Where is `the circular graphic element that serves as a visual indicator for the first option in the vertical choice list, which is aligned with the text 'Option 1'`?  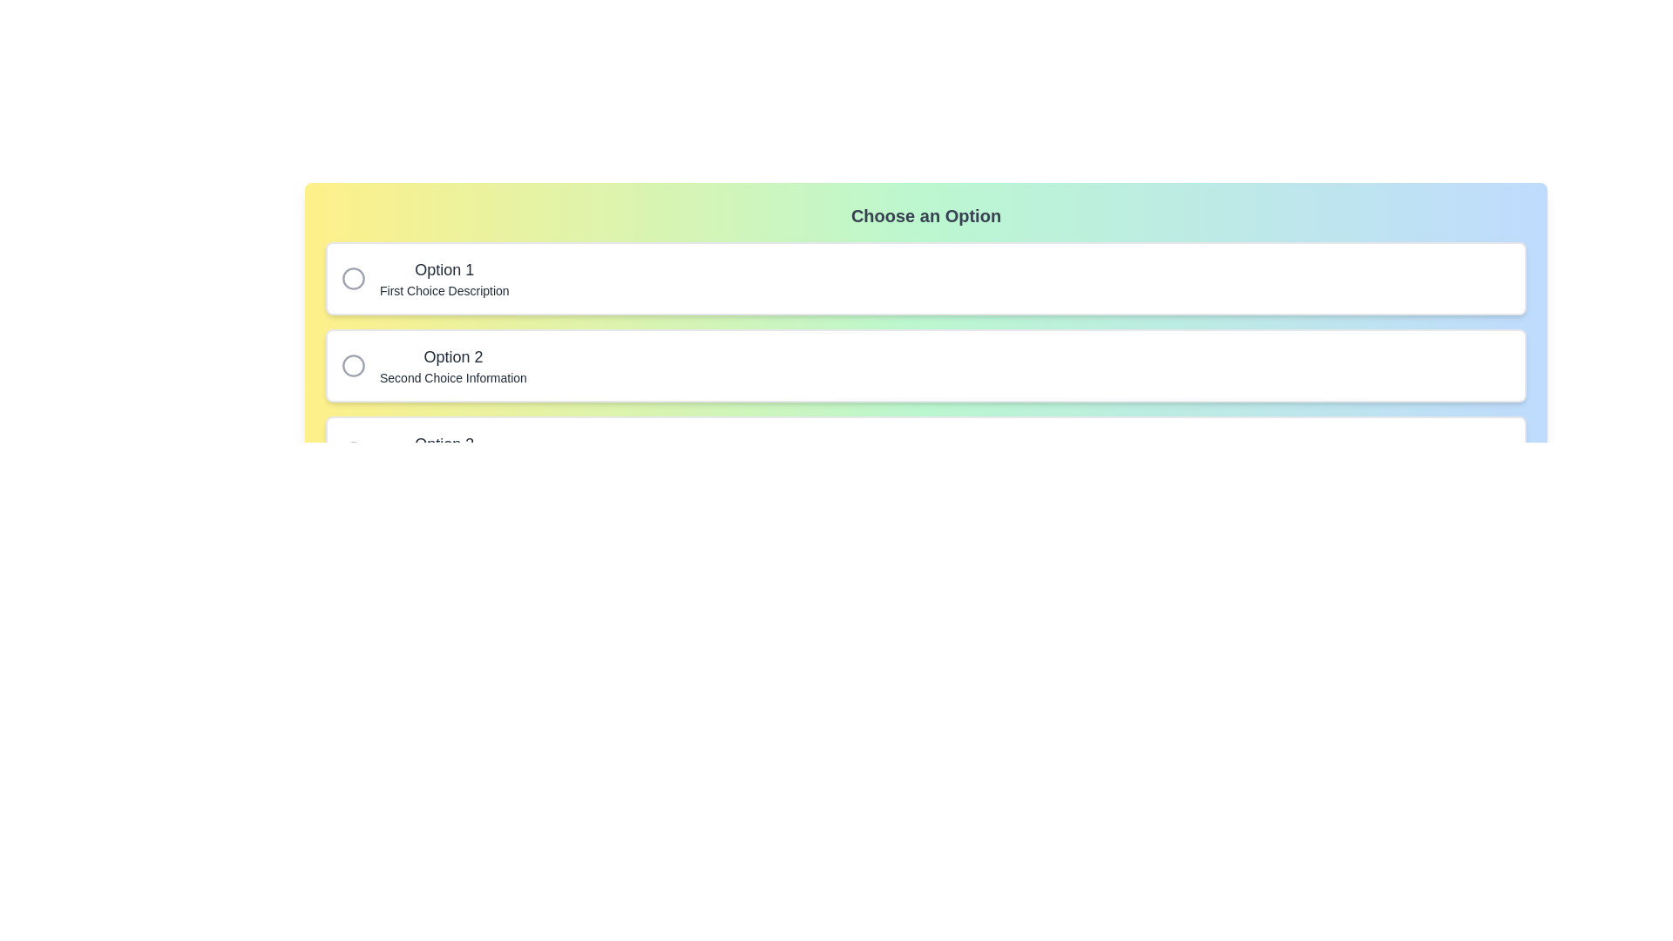
the circular graphic element that serves as a visual indicator for the first option in the vertical choice list, which is aligned with the text 'Option 1' is located at coordinates (353, 278).